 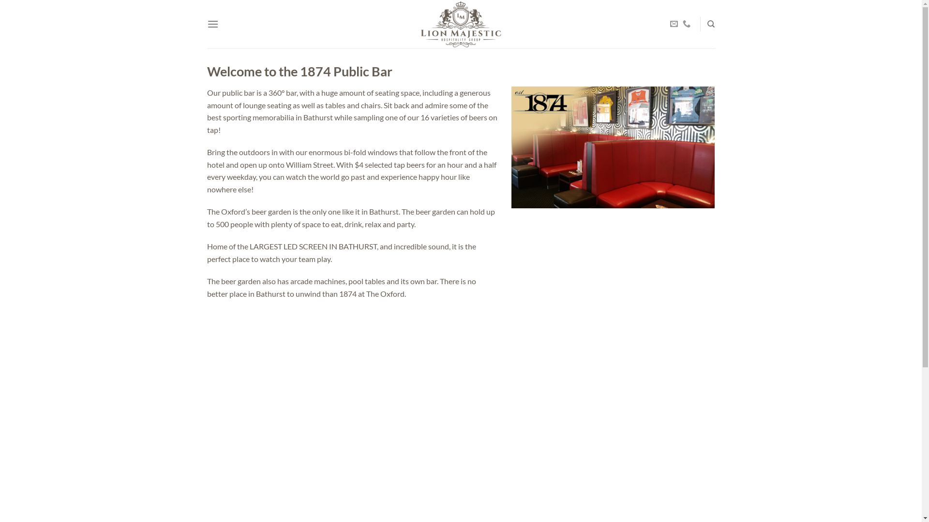 I want to click on 'Lion Majestic', so click(x=460, y=24).